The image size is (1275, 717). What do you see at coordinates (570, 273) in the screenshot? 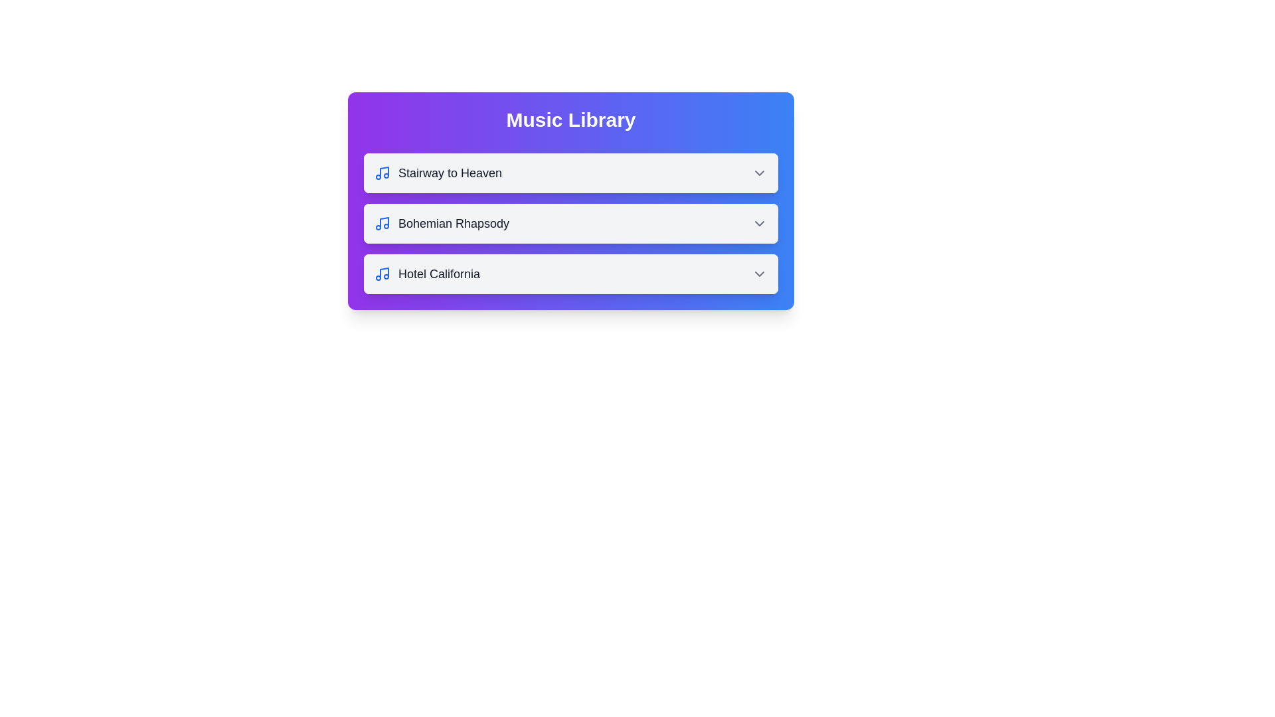
I see `the selectable item representing 'Hotel California' in the Music Library interface` at bounding box center [570, 273].